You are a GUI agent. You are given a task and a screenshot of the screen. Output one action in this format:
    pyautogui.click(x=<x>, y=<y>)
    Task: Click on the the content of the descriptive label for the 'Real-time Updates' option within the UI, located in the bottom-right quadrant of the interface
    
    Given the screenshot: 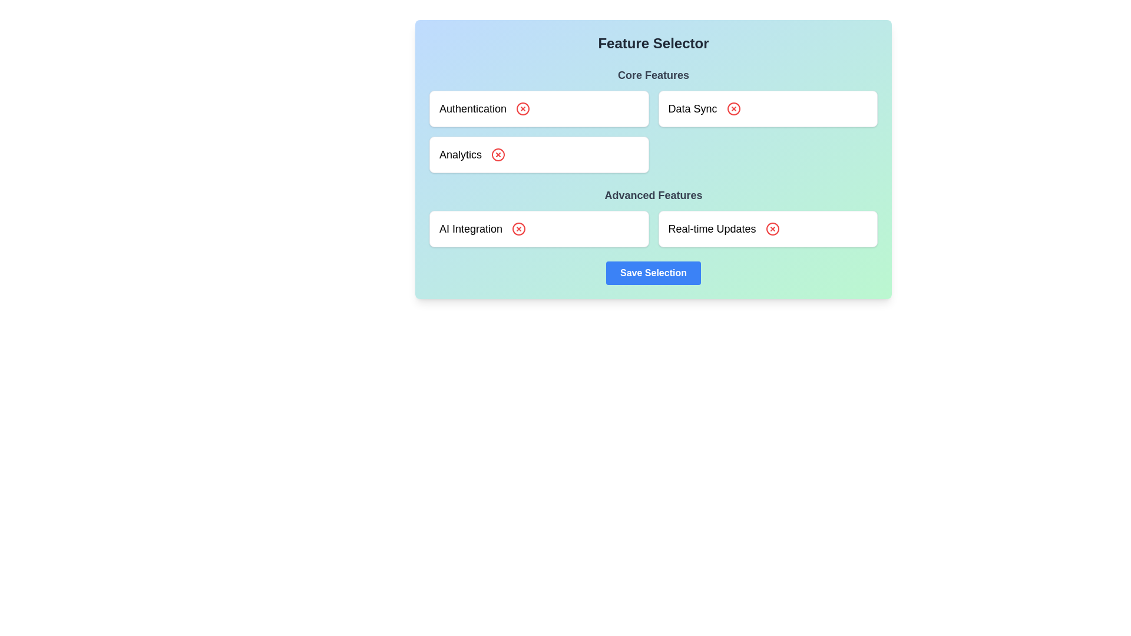 What is the action you would take?
    pyautogui.click(x=712, y=229)
    